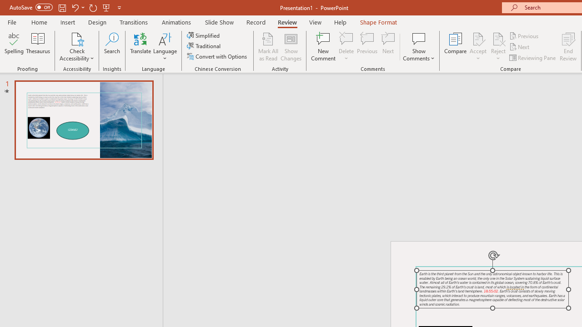 Image resolution: width=582 pixels, height=327 pixels. Describe the element at coordinates (533, 58) in the screenshot. I see `'Reviewing Pane'` at that location.